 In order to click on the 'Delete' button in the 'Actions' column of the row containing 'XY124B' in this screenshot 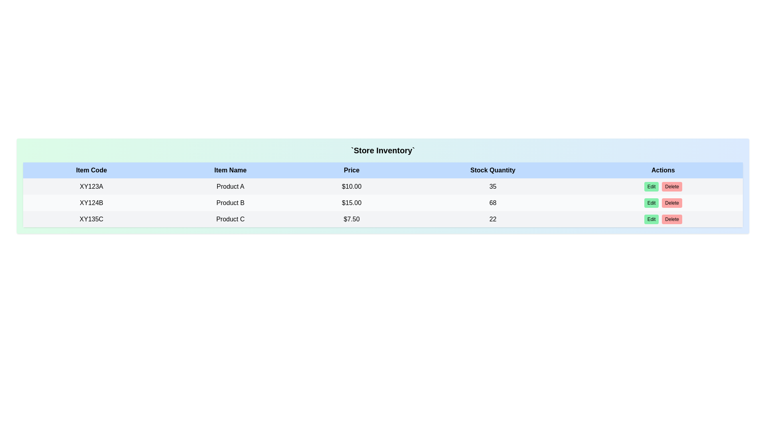, I will do `click(671, 202)`.